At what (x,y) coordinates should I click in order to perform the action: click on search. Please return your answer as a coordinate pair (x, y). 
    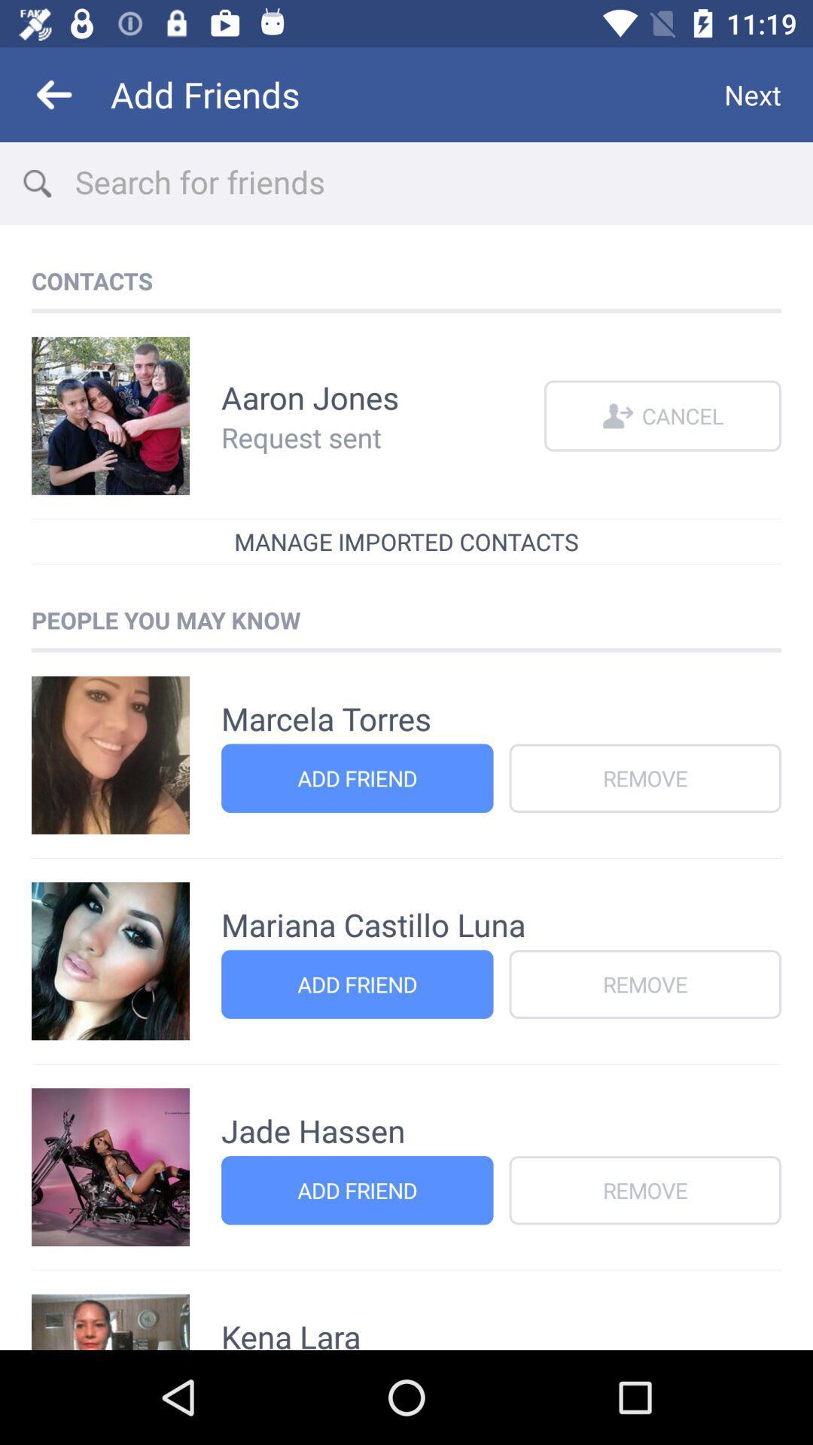
    Looking at the image, I should click on (443, 183).